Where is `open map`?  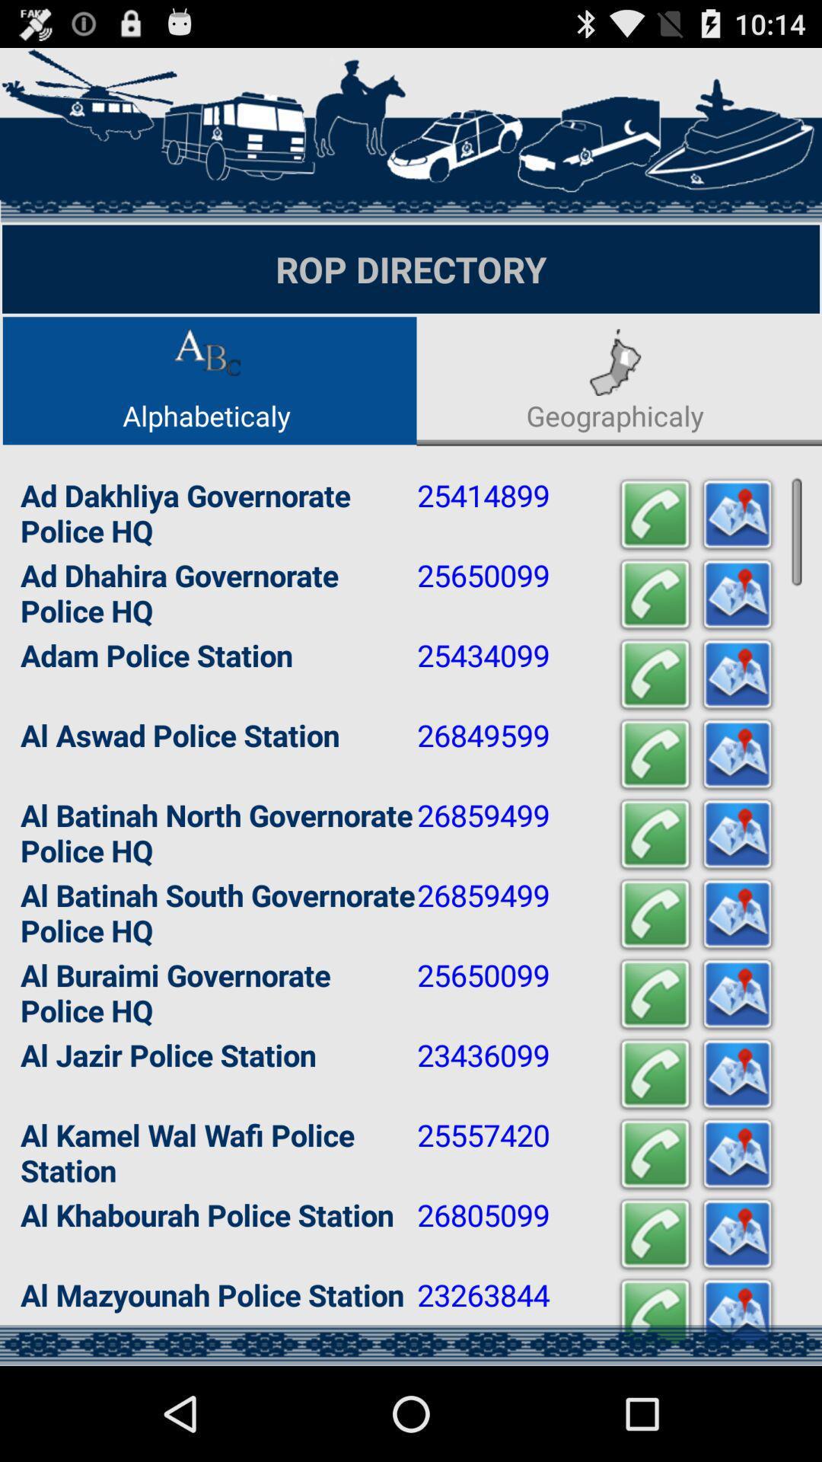
open map is located at coordinates (736, 674).